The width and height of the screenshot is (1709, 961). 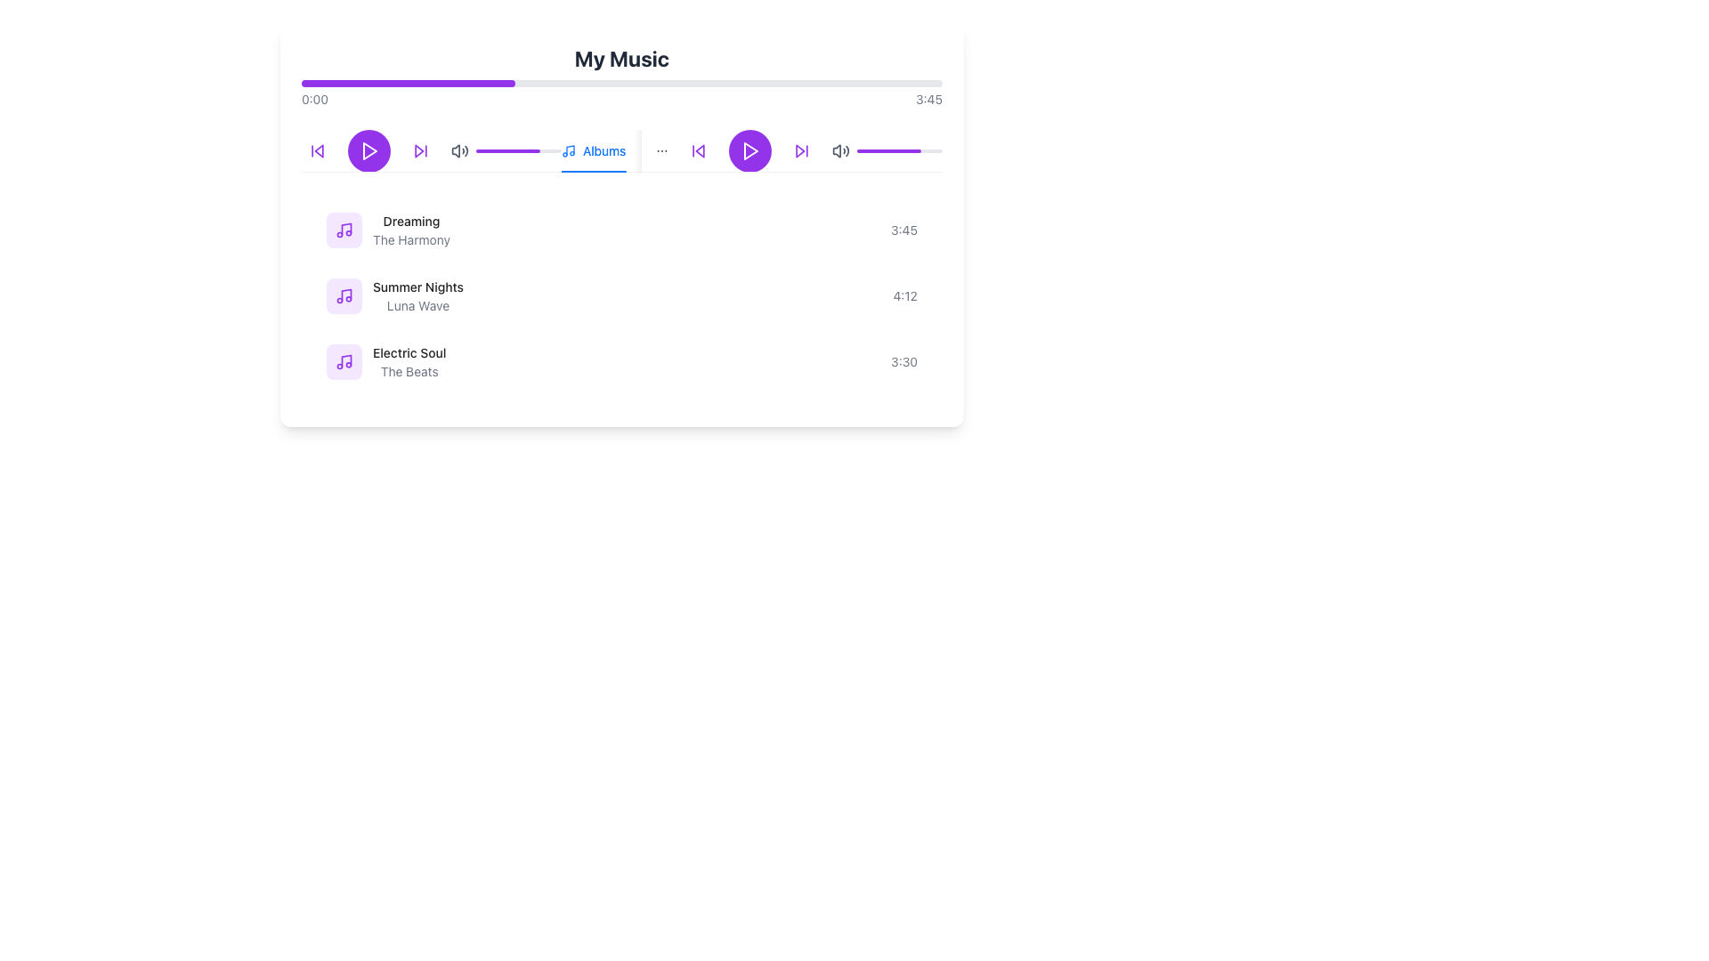 I want to click on the media progress, so click(x=512, y=83).